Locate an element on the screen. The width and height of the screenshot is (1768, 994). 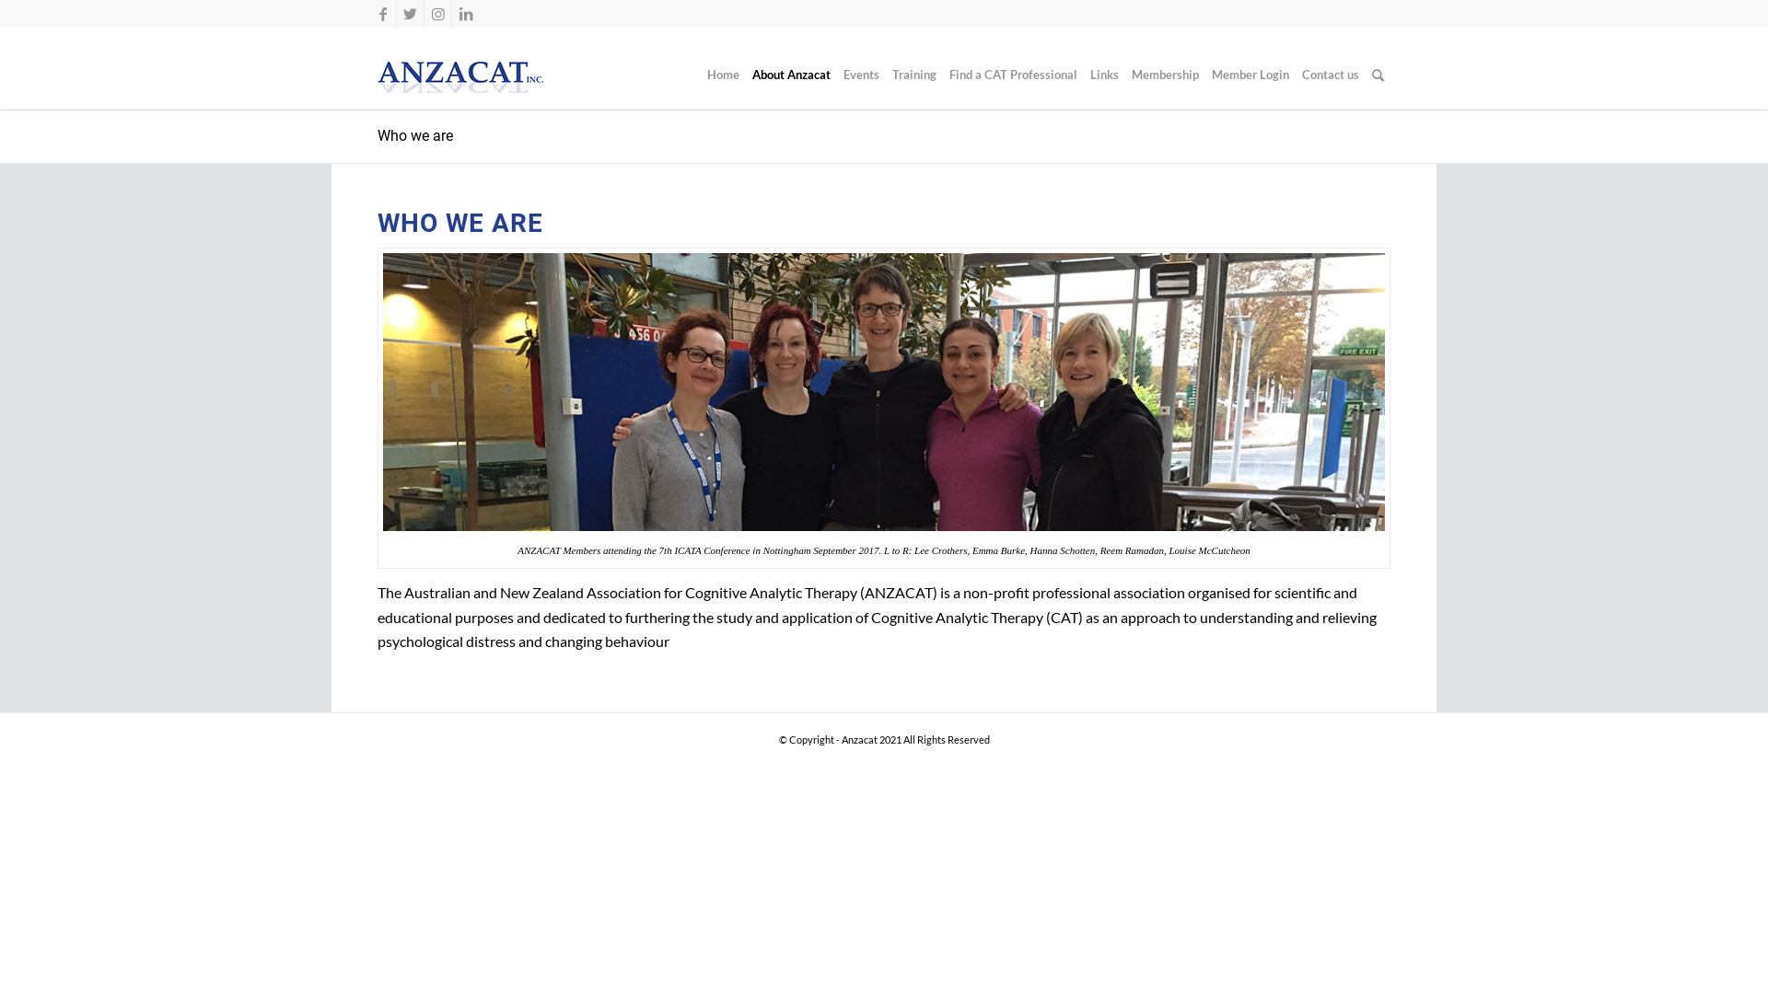
'Anzacat_logo' is located at coordinates (460, 76).